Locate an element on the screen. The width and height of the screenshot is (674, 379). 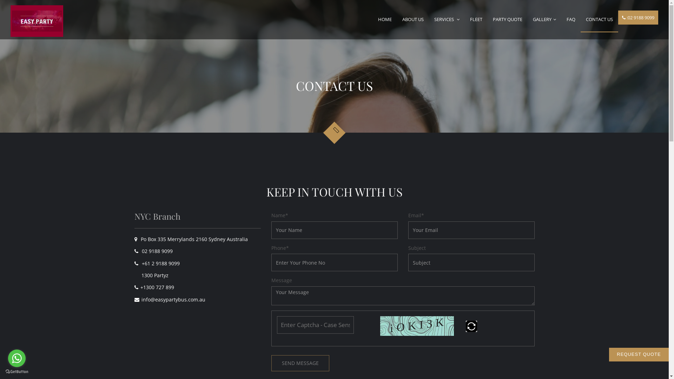
'SEND MESSAGE' is located at coordinates (300, 363).